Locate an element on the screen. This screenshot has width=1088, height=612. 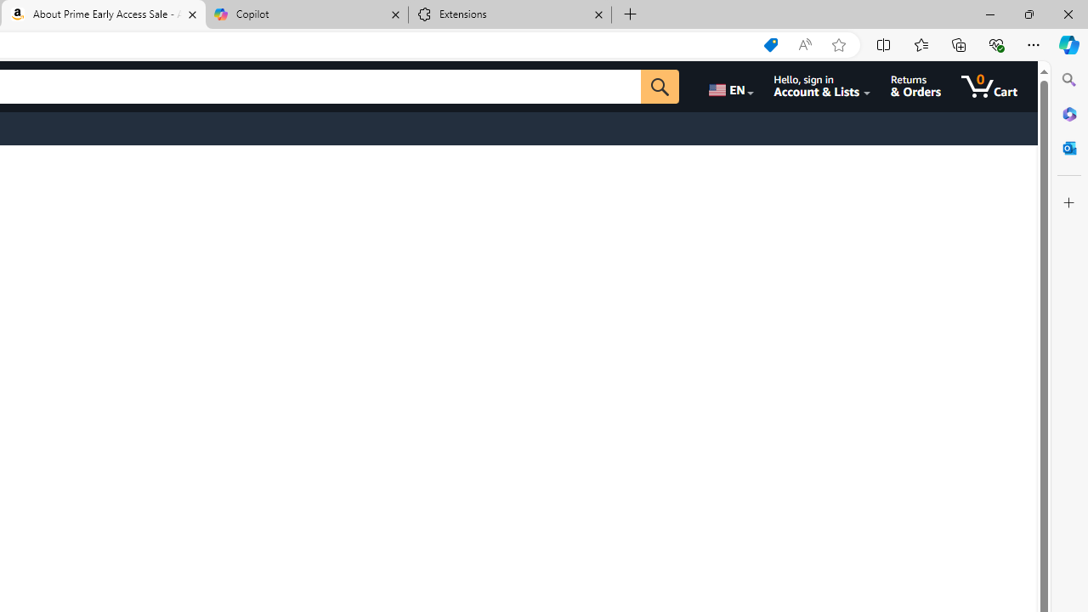
'Shopping in Microsoft Edge' is located at coordinates (769, 44).